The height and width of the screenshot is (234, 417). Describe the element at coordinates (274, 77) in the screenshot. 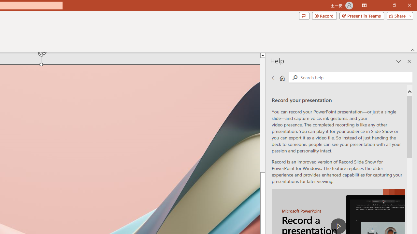

I see `'Previous page'` at that location.